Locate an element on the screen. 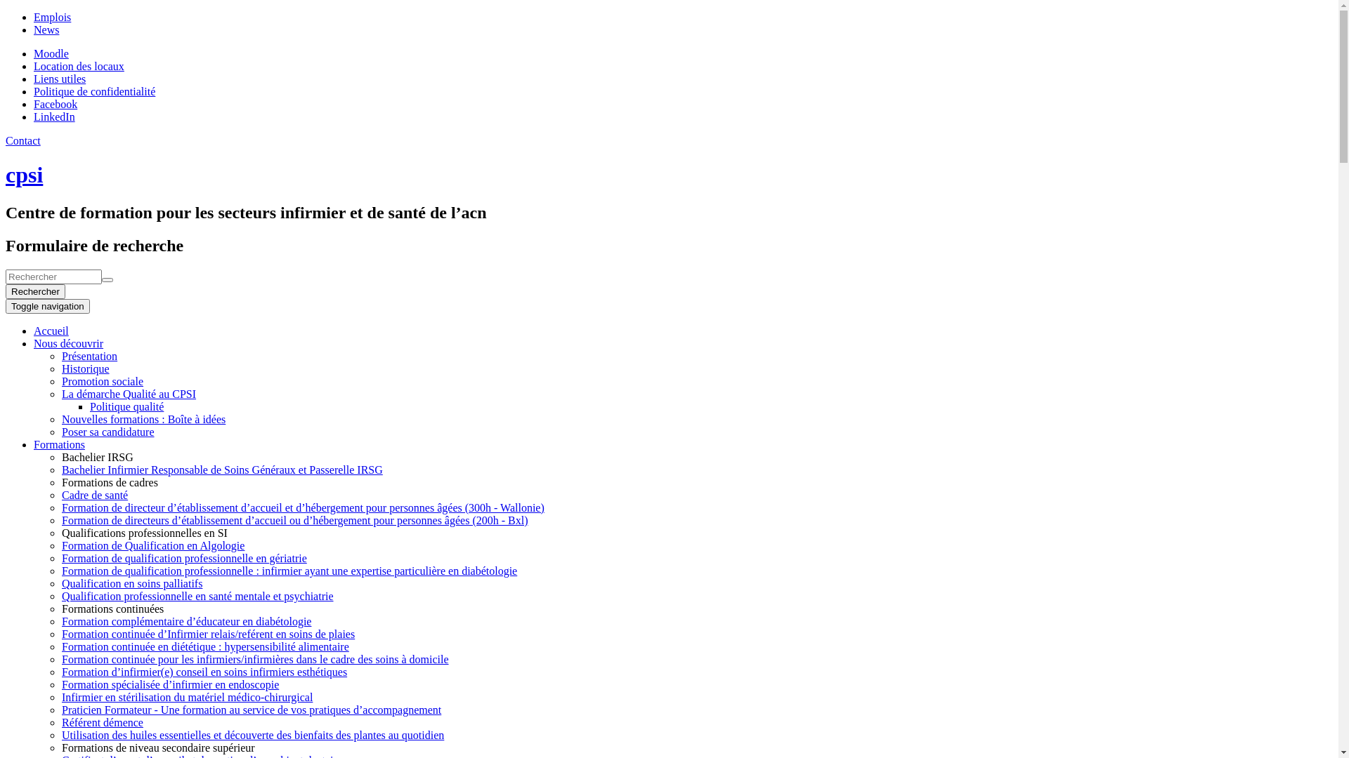  'Rechercher' is located at coordinates (35, 291).